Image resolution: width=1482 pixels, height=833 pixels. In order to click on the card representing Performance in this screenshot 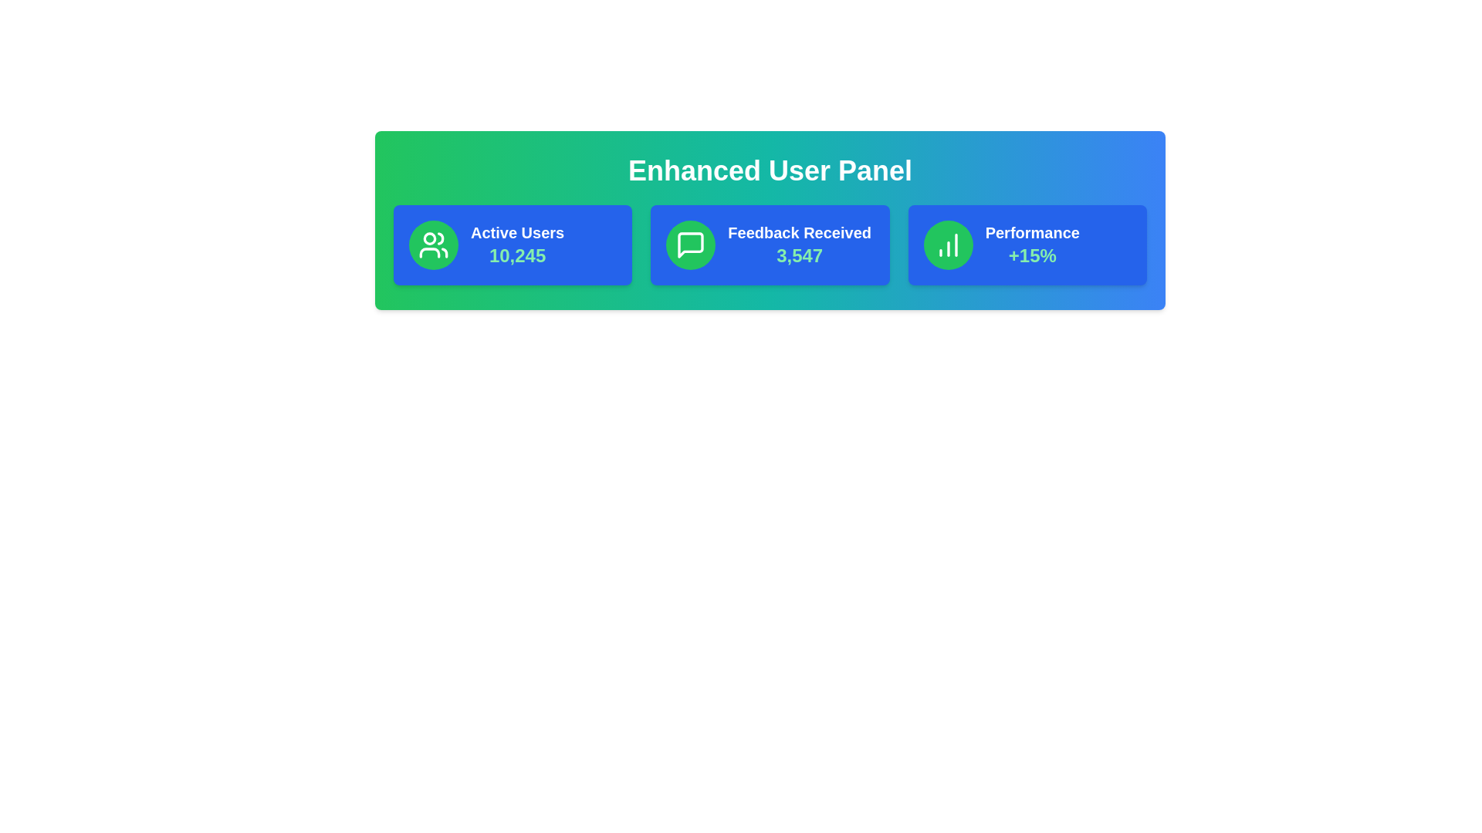, I will do `click(1027, 244)`.